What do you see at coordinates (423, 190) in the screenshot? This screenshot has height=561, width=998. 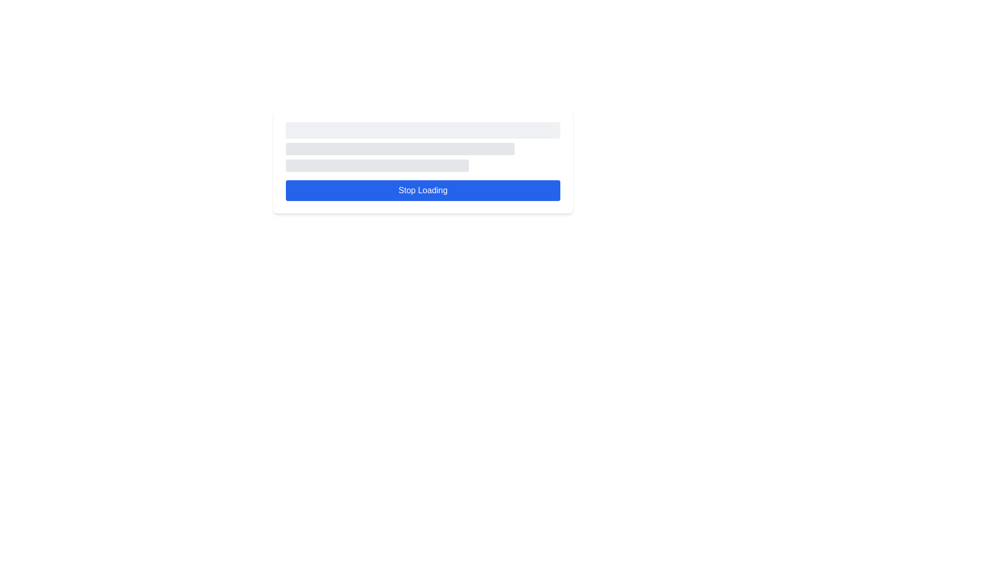 I see `the 'Stop Loading' button` at bounding box center [423, 190].